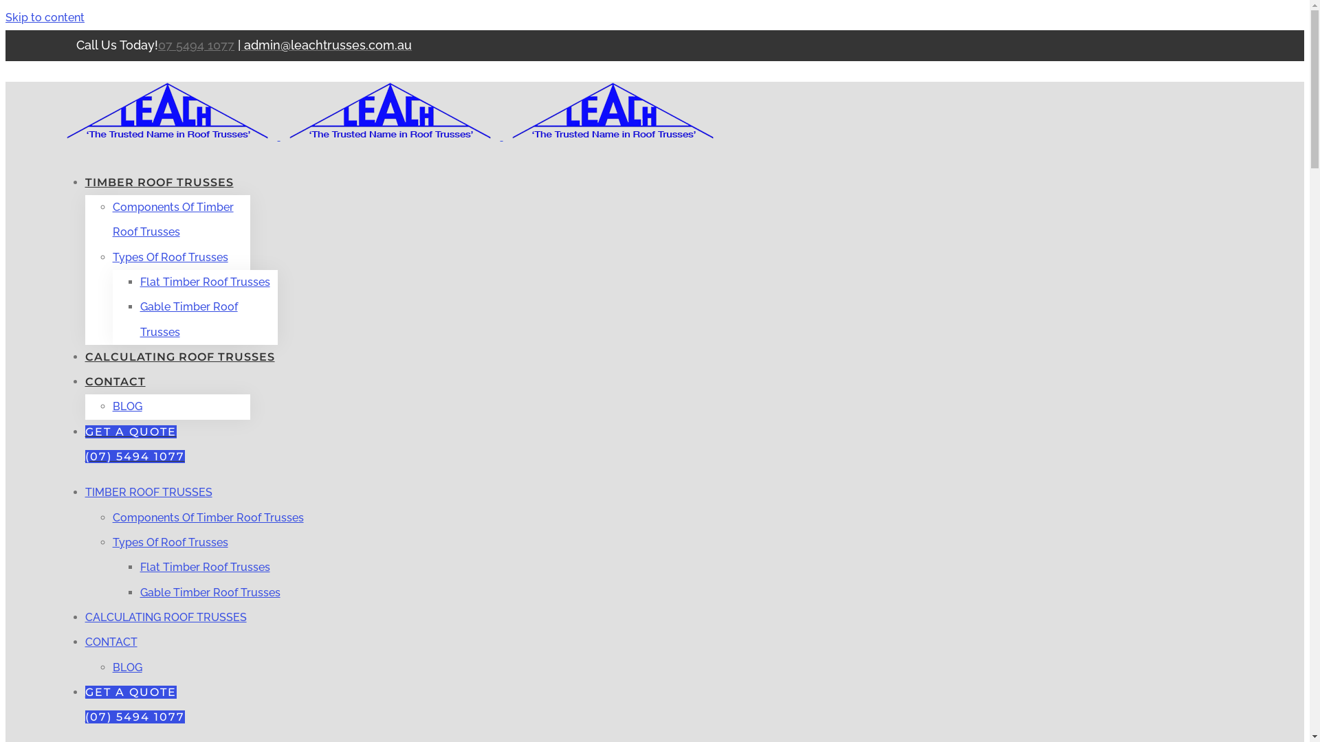 The height and width of the screenshot is (742, 1320). What do you see at coordinates (135, 444) in the screenshot?
I see `'GET A QUOTE` at bounding box center [135, 444].